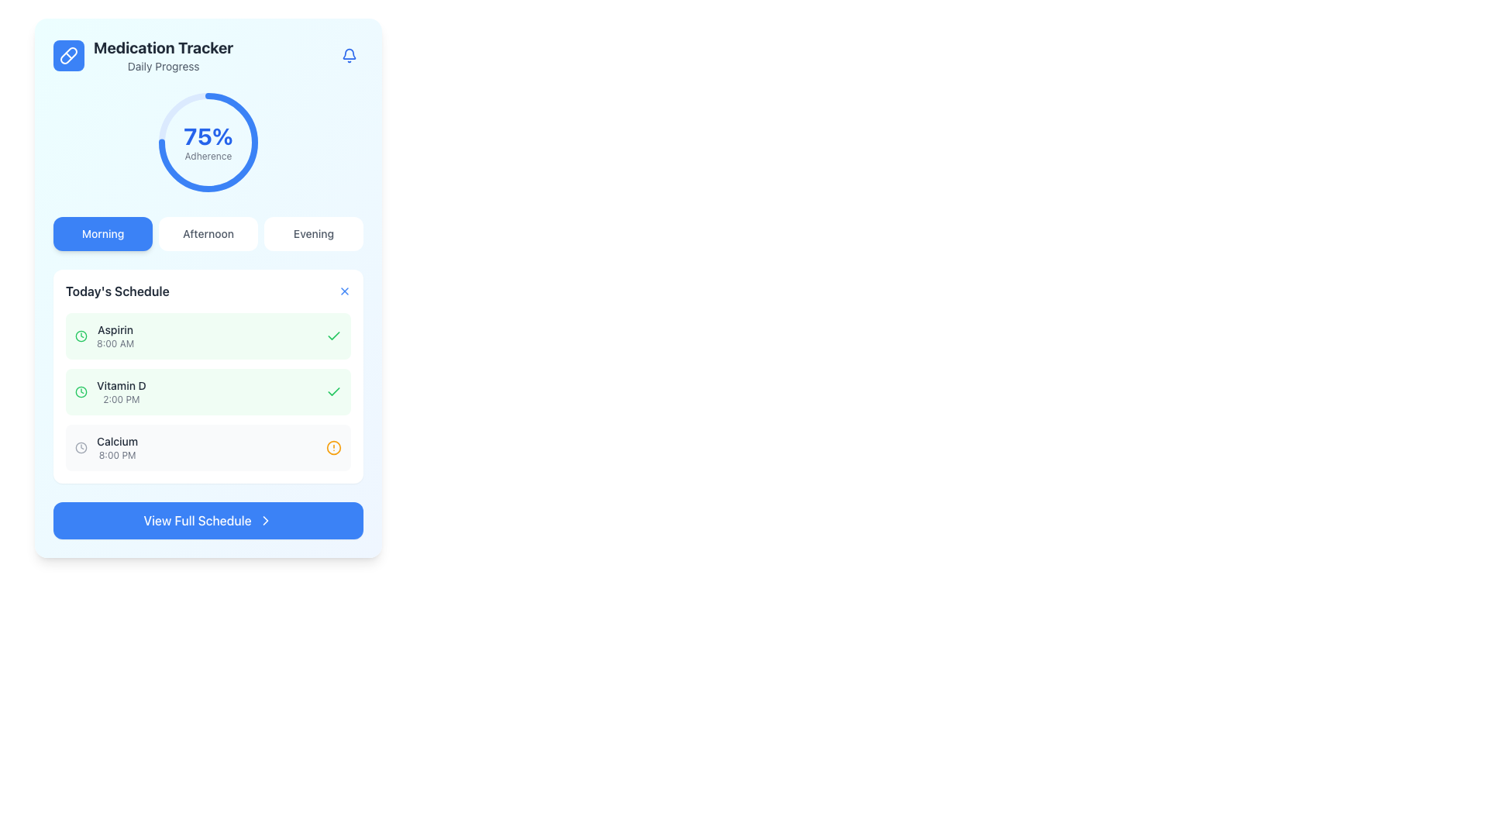 The width and height of the screenshot is (1488, 837). What do you see at coordinates (116, 454) in the screenshot?
I see `the text label displaying '8:00 PM' which is located beneath the word 'Calcium' in the 'Today’s Schedule' section` at bounding box center [116, 454].